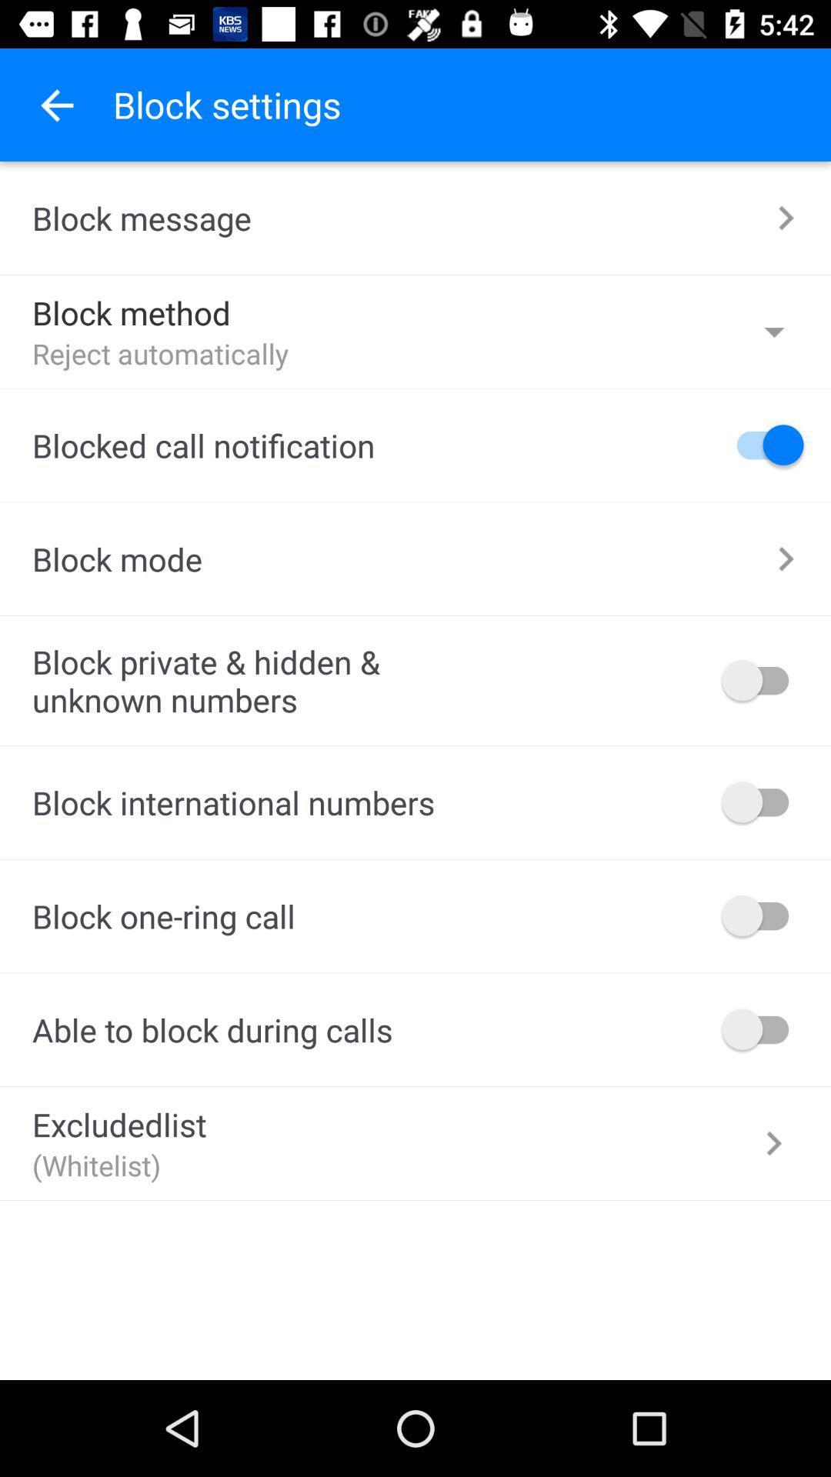 This screenshot has height=1477, width=831. Describe the element at coordinates (763, 444) in the screenshot. I see `blocked-call notifications` at that location.